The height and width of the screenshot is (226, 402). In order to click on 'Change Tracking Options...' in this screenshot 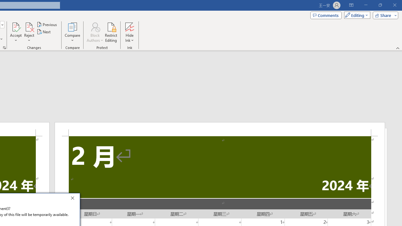, I will do `click(4, 47)`.